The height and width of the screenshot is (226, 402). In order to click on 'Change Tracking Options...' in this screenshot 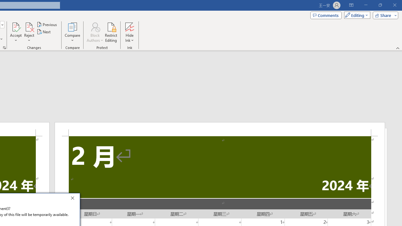, I will do `click(4, 47)`.